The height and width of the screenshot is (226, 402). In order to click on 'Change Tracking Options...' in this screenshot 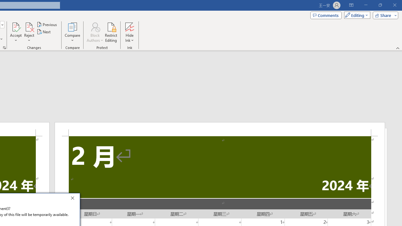, I will do `click(4, 47)`.